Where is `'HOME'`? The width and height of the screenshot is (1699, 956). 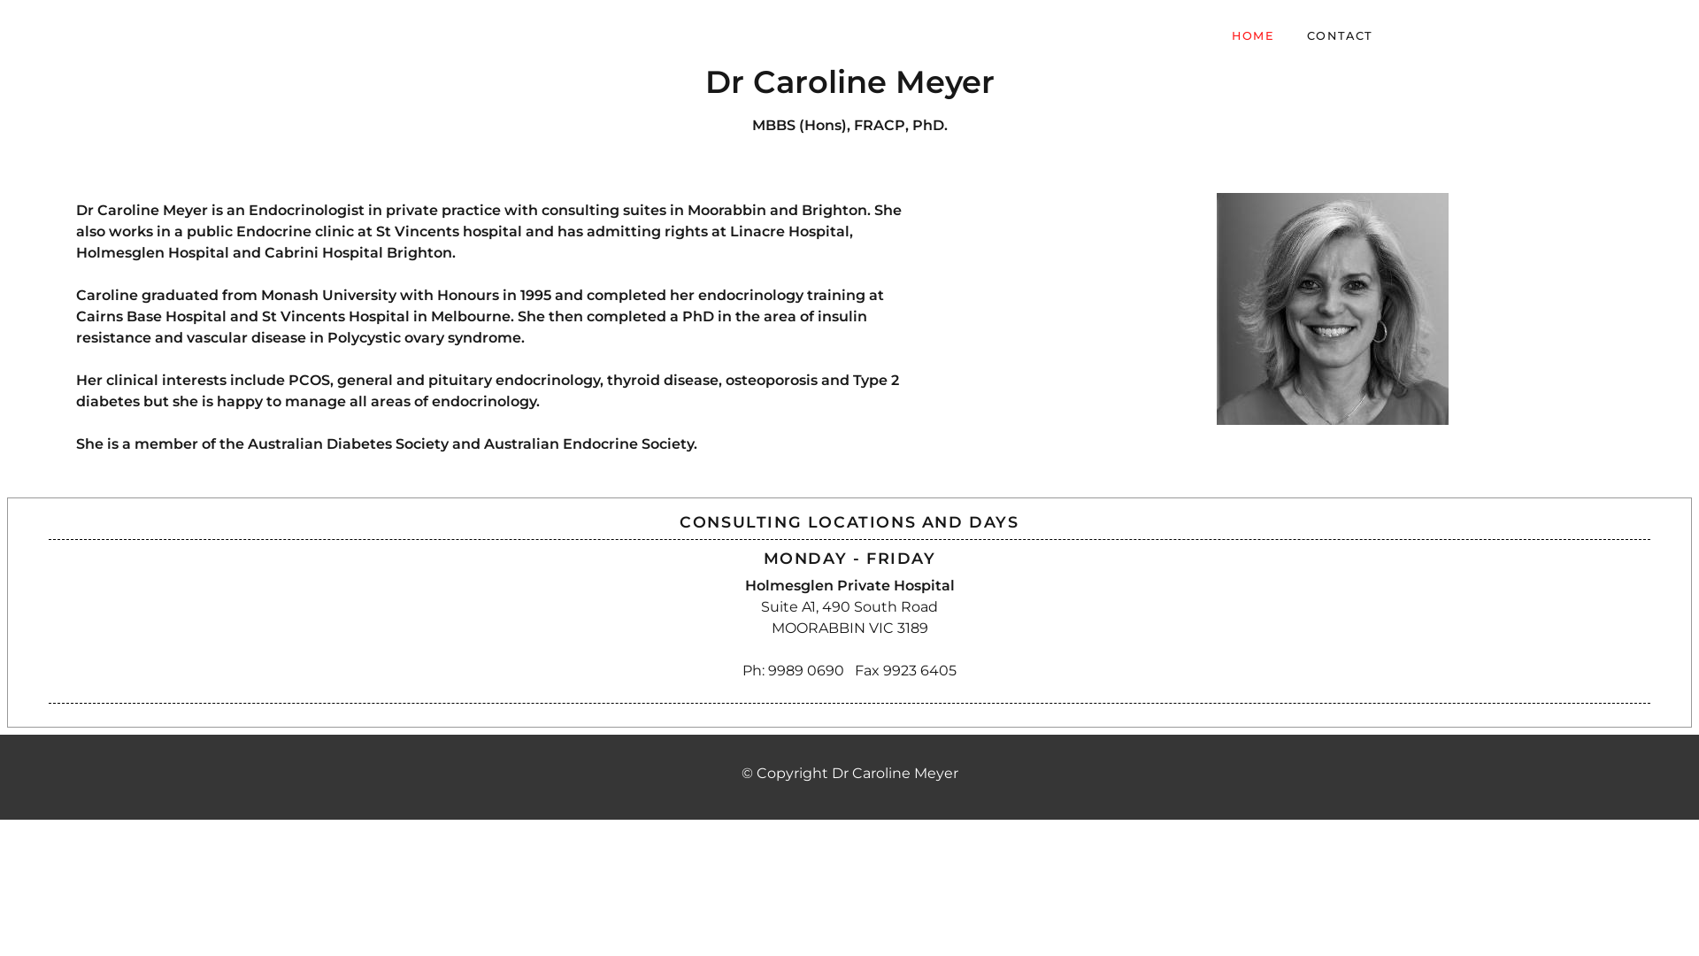 'HOME' is located at coordinates (1252, 35).